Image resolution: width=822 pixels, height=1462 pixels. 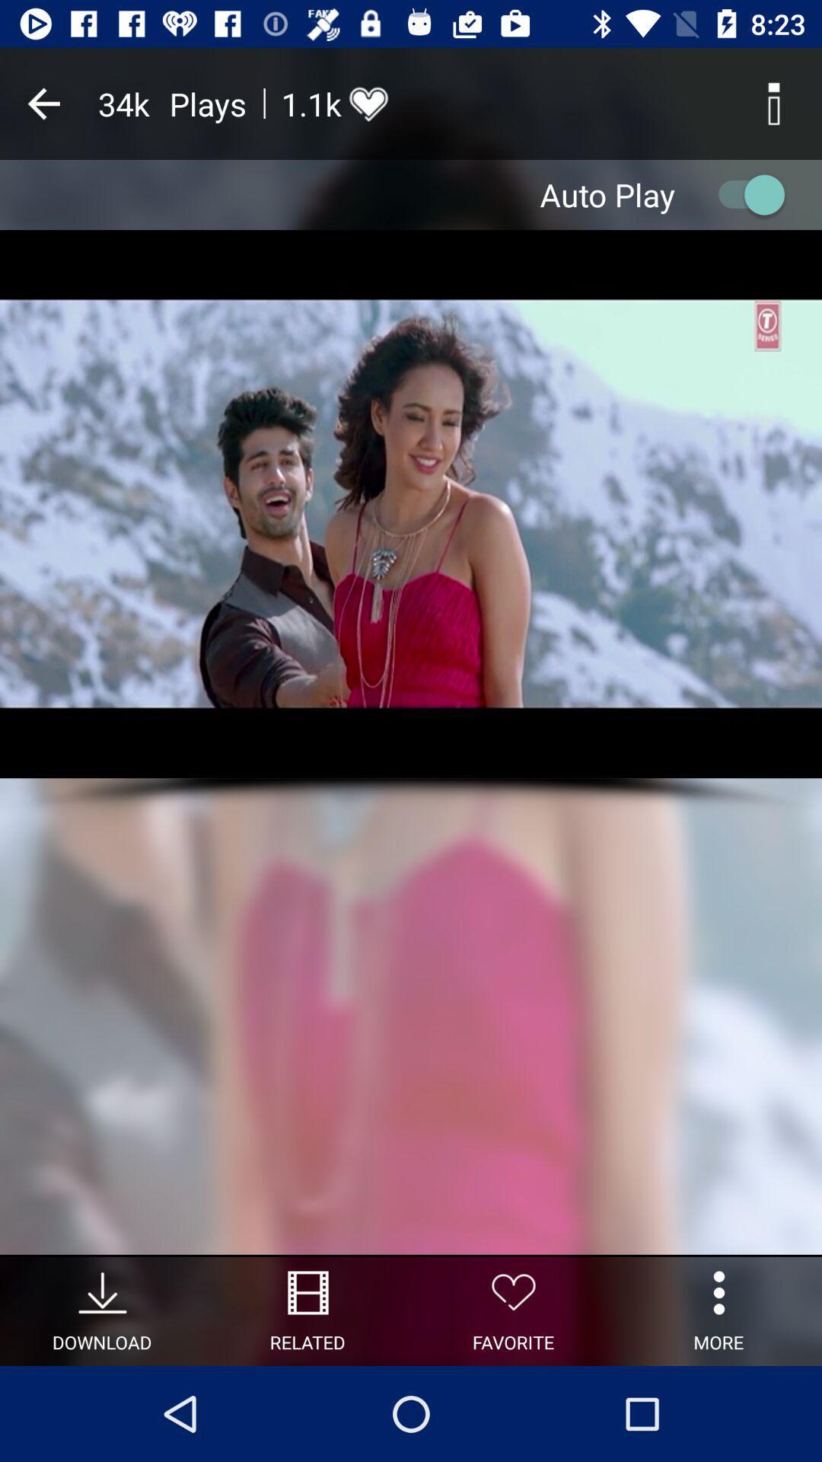 What do you see at coordinates (43, 103) in the screenshot?
I see `the arrow_backward icon` at bounding box center [43, 103].